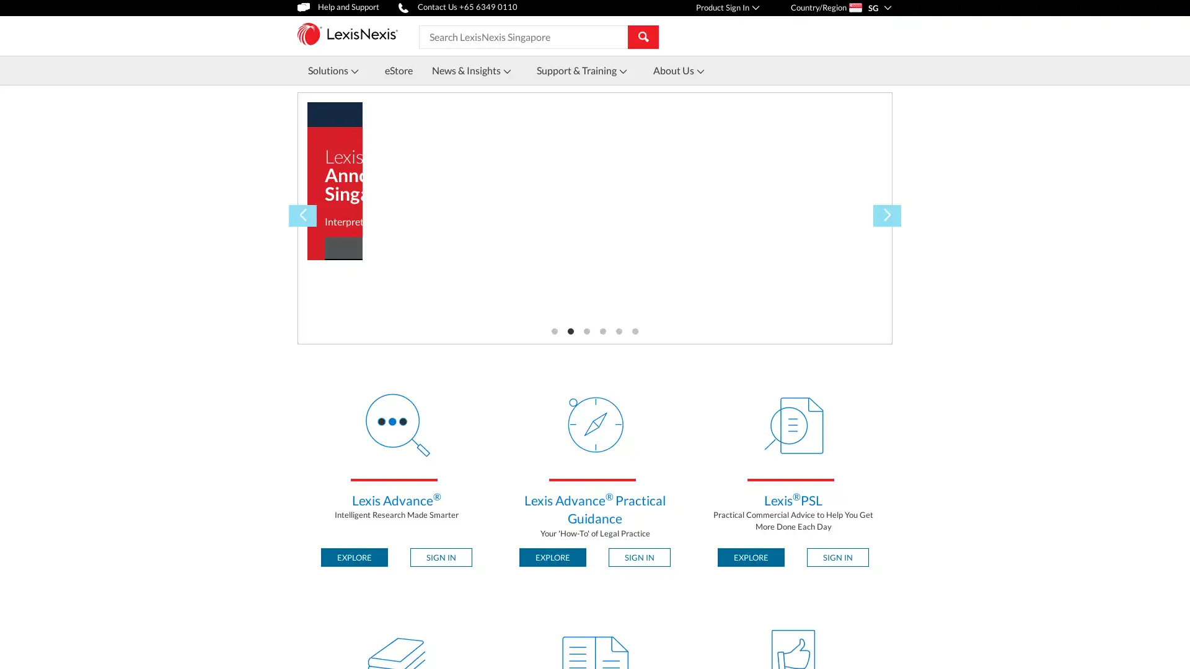 The image size is (1190, 669). I want to click on Search, so click(643, 35).